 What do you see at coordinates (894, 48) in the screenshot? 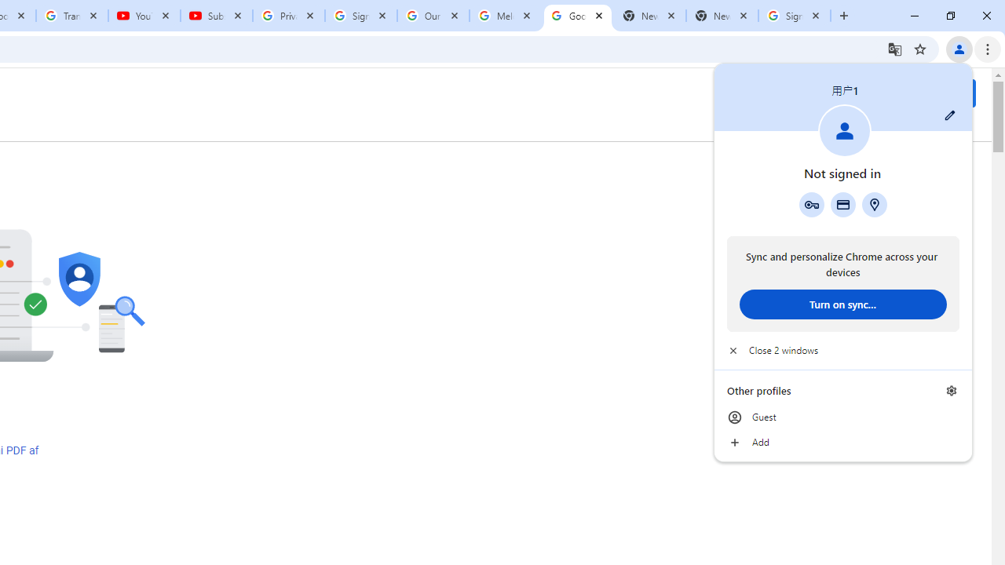
I see `'Translate this page'` at bounding box center [894, 48].